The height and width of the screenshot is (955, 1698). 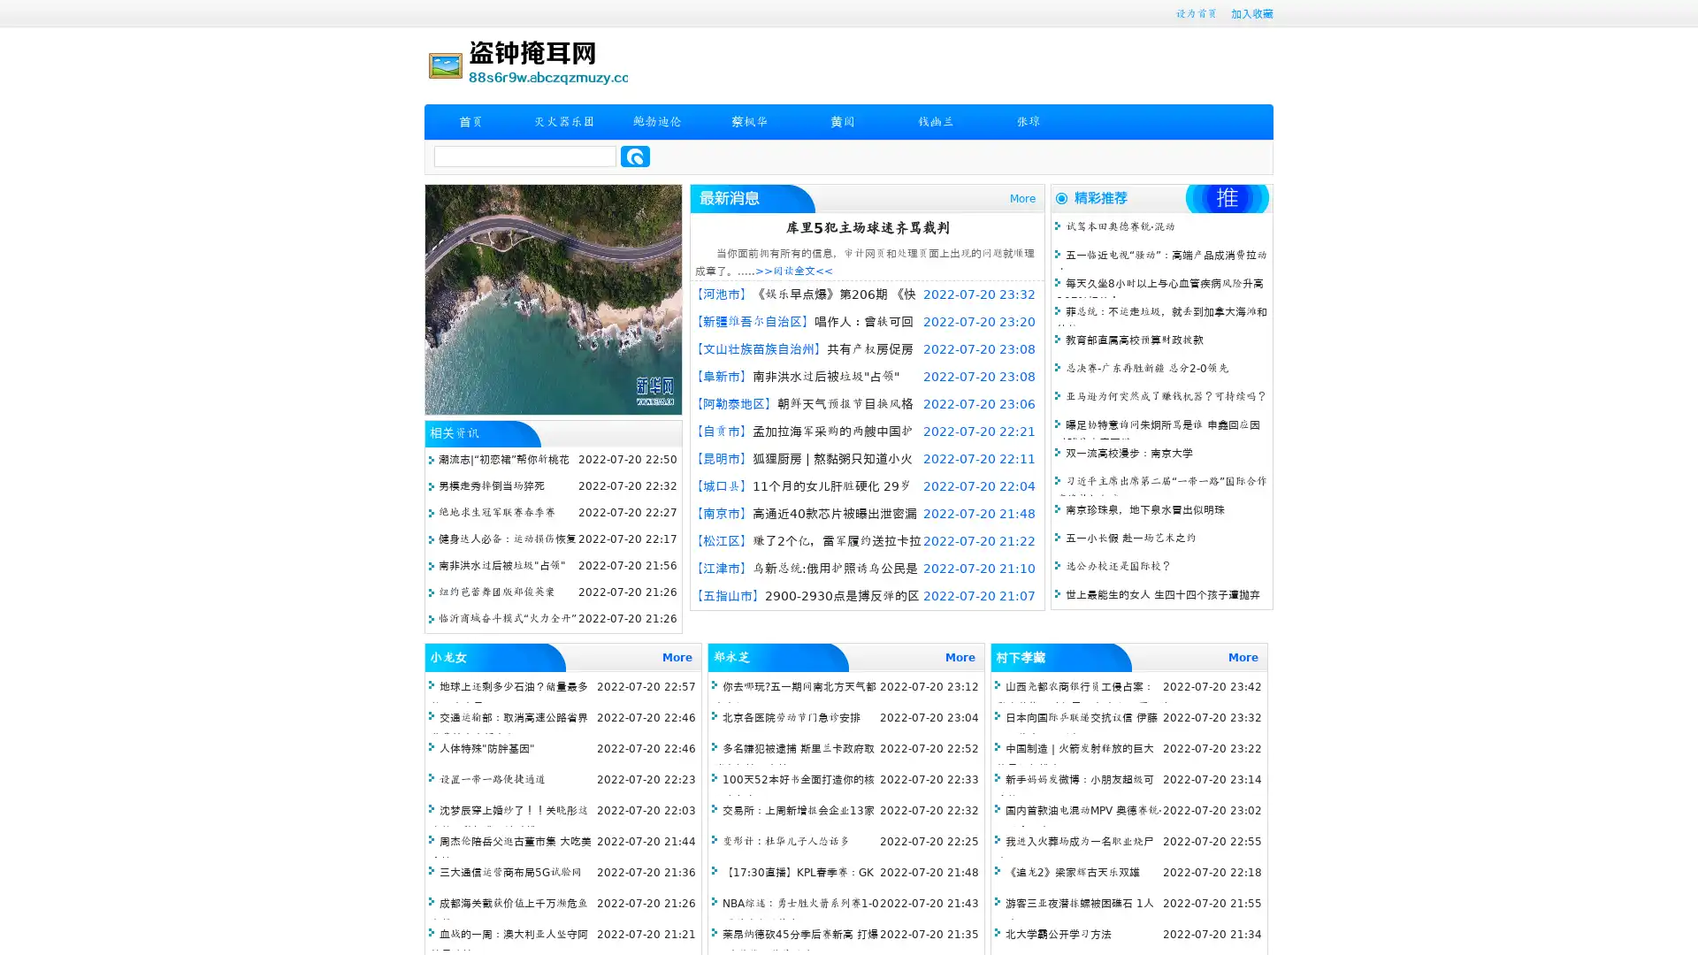 I want to click on Search, so click(x=635, y=156).